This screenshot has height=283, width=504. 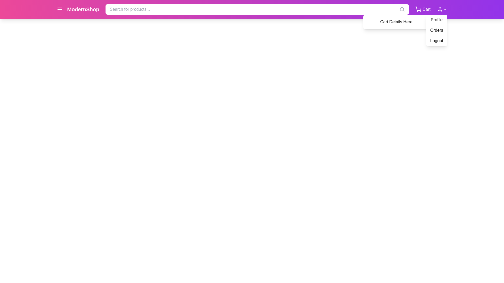 What do you see at coordinates (402, 9) in the screenshot?
I see `the search icon located on the right-hand side of the search bar` at bounding box center [402, 9].